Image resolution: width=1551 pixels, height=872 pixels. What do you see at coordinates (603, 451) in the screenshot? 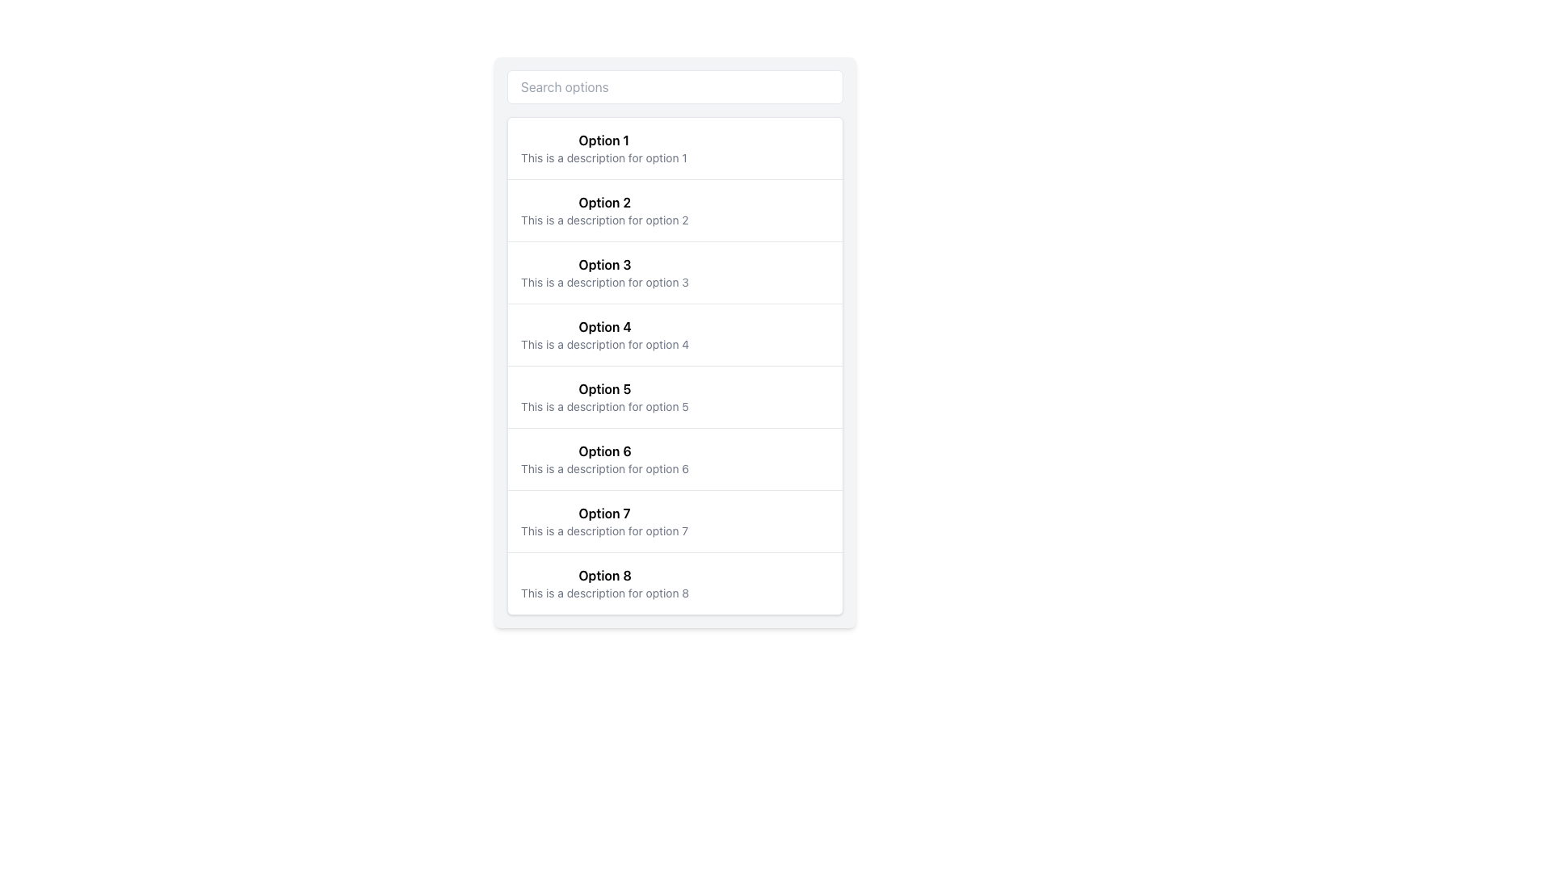
I see `the bold text label displaying 'Option 6', which is centrally aligned at the top of its section, positioned above the gray description text in the sixth entry of a vertically listed selectable options` at bounding box center [603, 451].